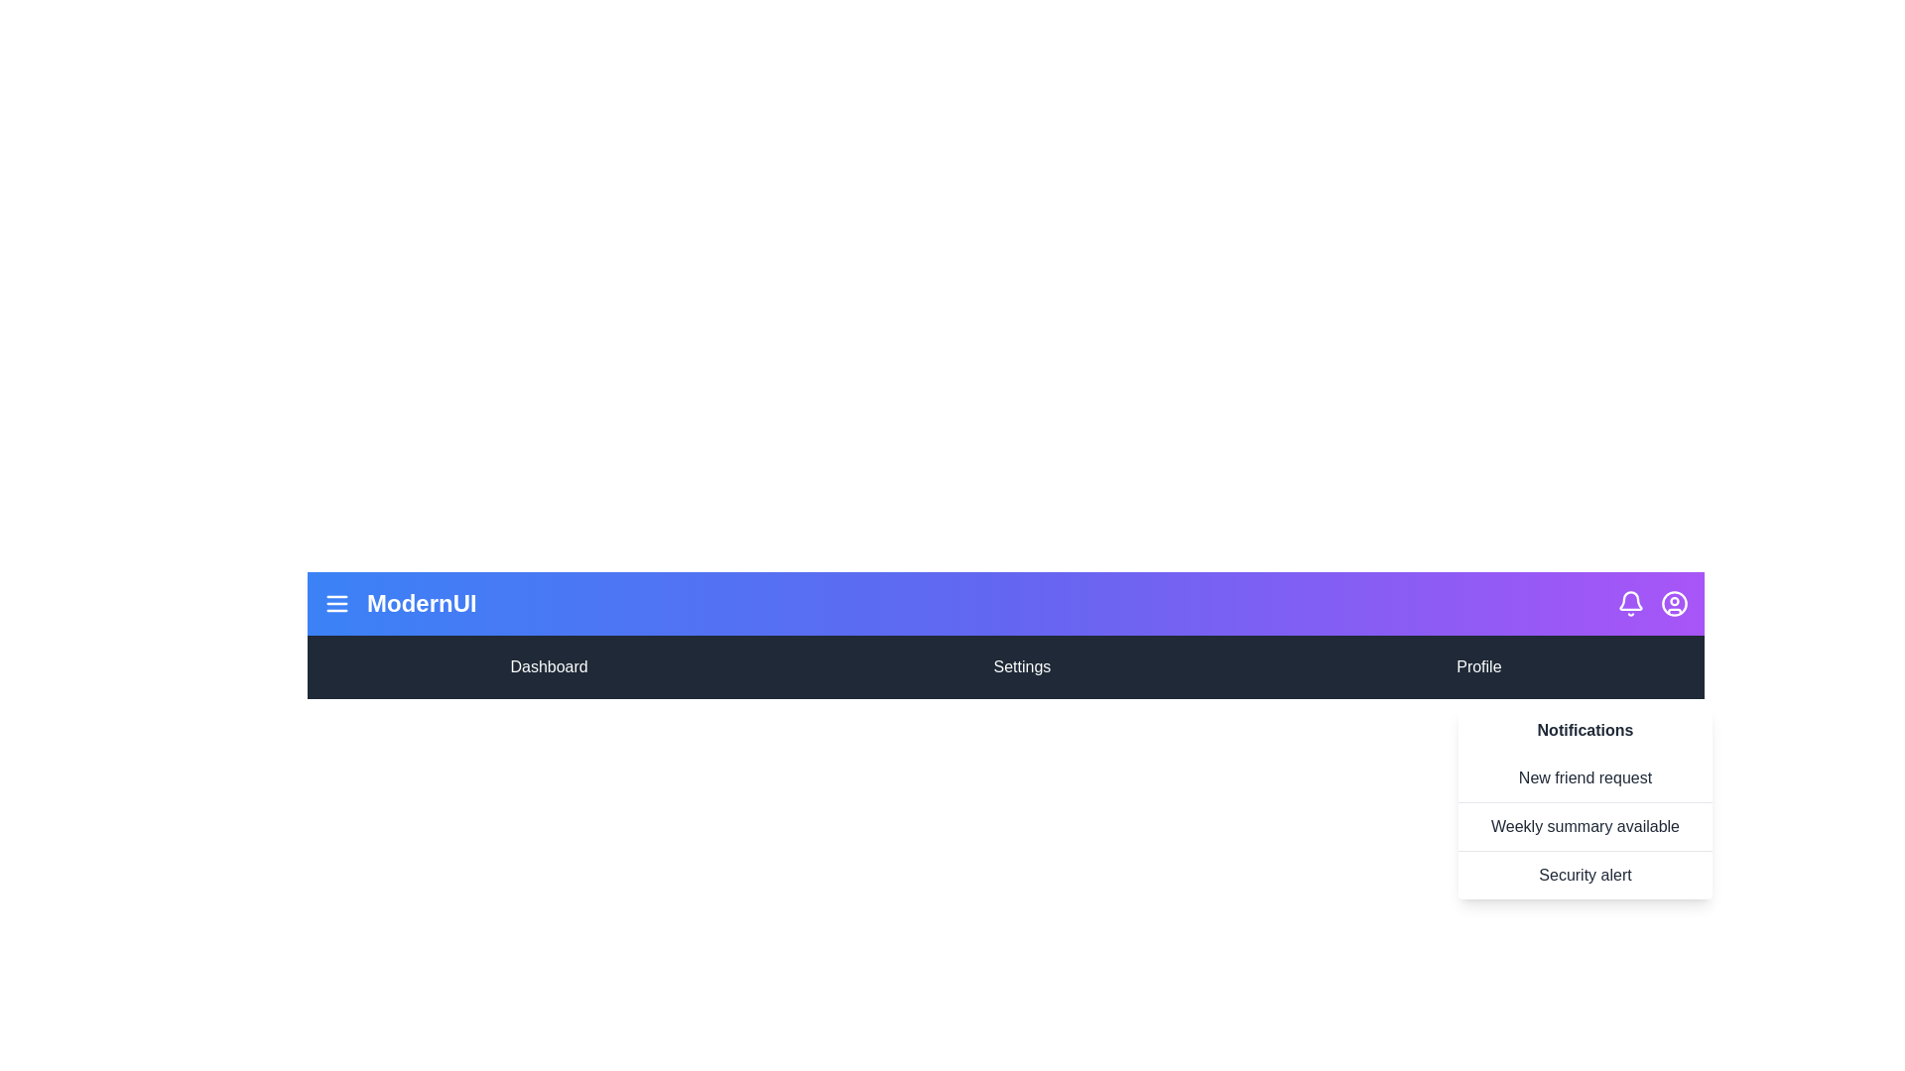 This screenshot has width=1905, height=1071. Describe the element at coordinates (549, 666) in the screenshot. I see `the menu item Dashboard to select it` at that location.